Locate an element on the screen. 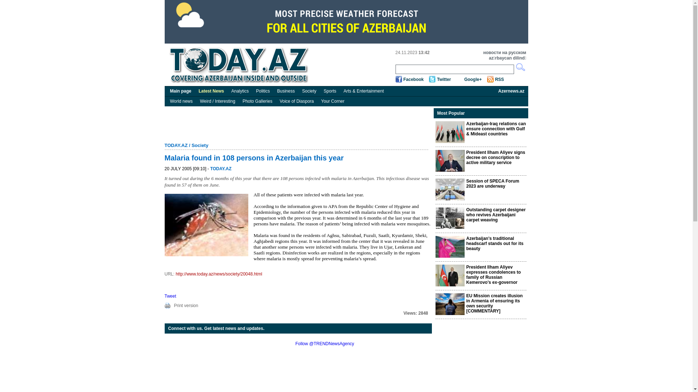 This screenshot has width=698, height=392. 'Arts & Entertainment' is located at coordinates (364, 90).